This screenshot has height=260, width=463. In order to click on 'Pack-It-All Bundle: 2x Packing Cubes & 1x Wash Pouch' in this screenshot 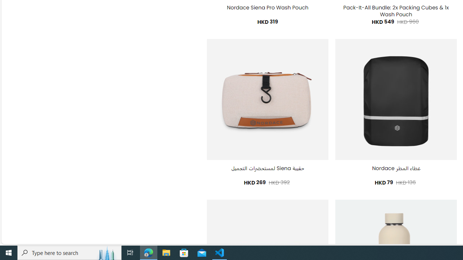, I will do `click(396, 11)`.